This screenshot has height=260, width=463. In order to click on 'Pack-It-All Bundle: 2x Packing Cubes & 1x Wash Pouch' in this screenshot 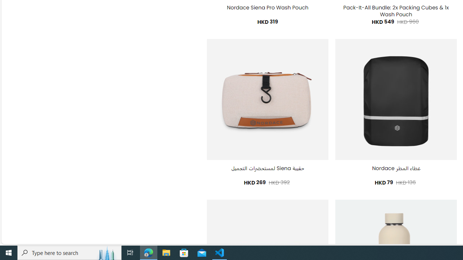, I will do `click(396, 11)`.